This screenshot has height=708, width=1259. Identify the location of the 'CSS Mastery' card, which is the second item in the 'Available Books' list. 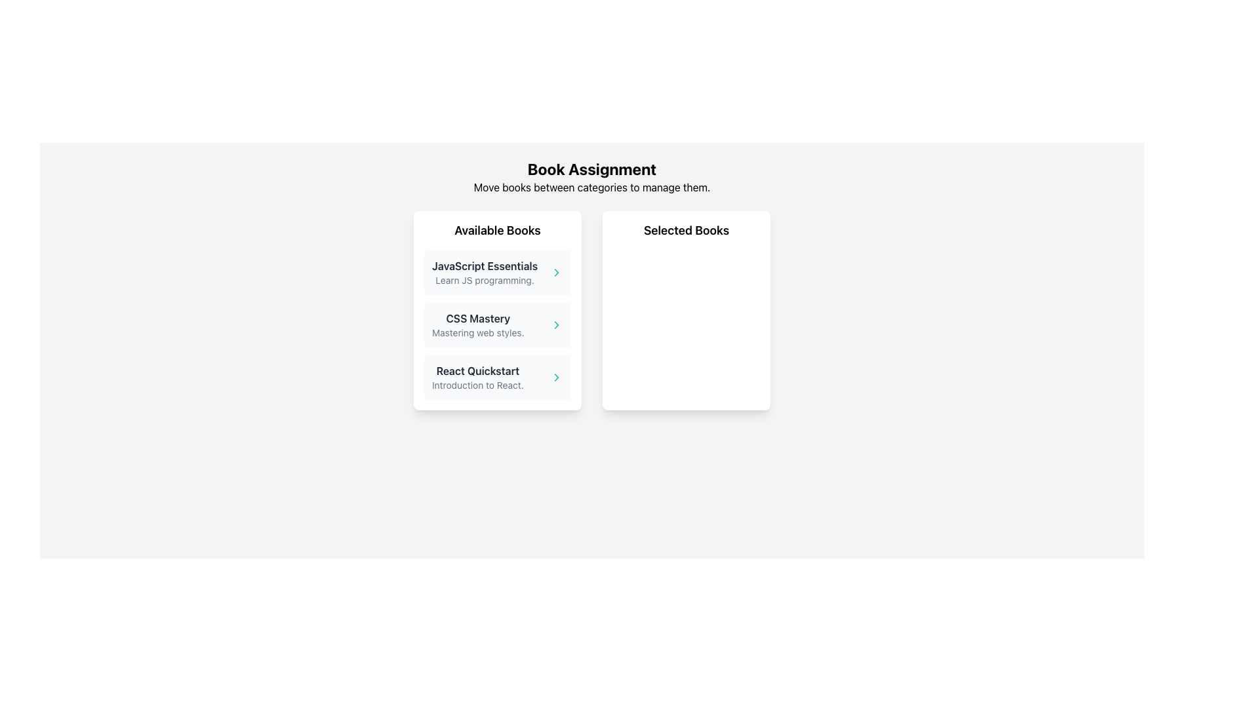
(496, 324).